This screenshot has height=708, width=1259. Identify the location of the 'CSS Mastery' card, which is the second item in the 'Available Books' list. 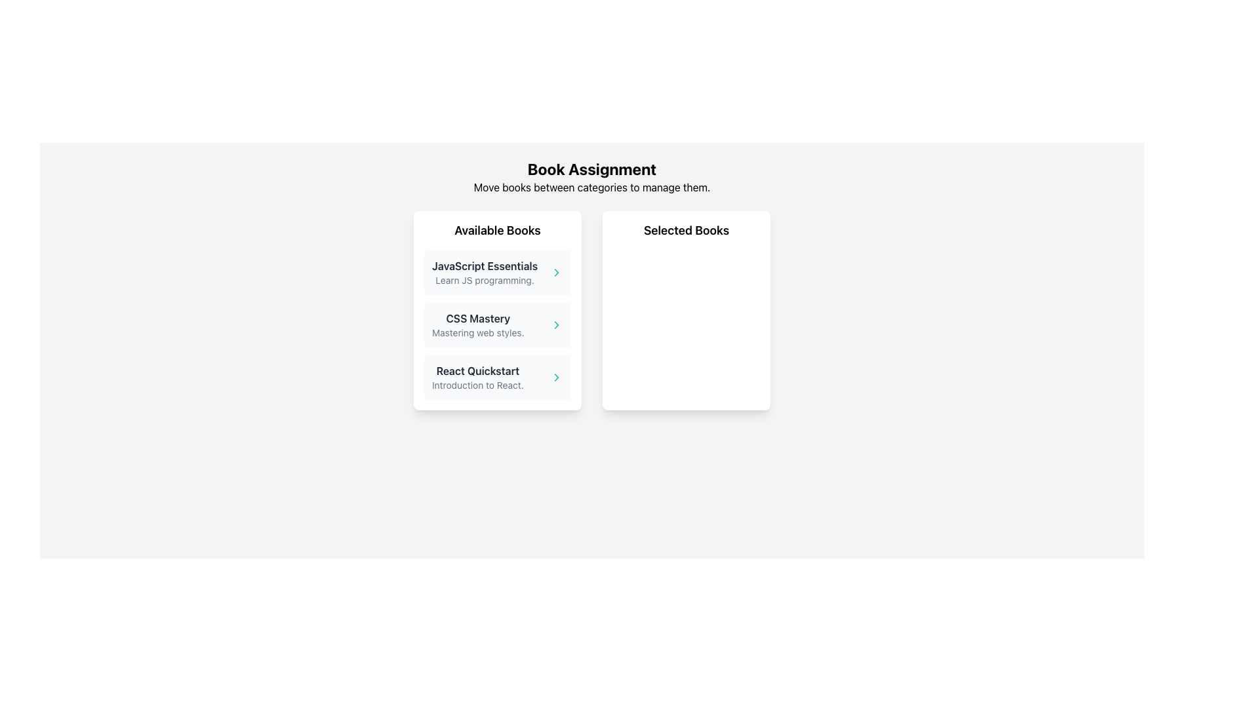
(496, 324).